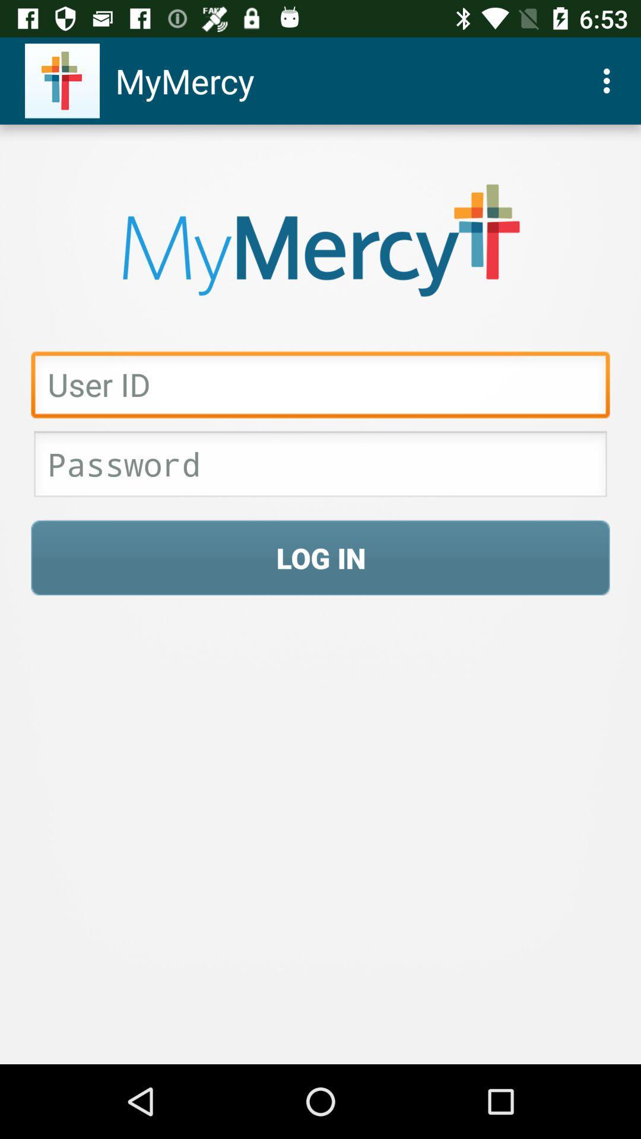  I want to click on input password, so click(320, 467).